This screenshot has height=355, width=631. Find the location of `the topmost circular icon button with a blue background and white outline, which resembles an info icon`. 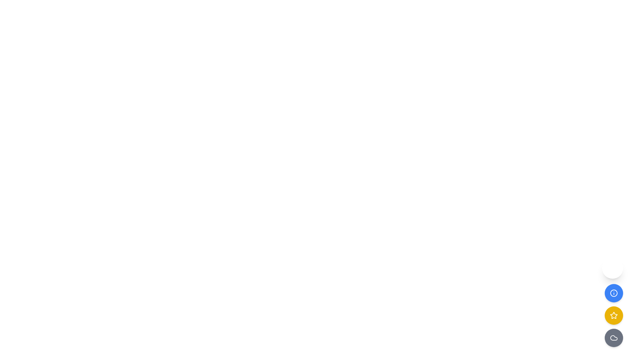

the topmost circular icon button with a blue background and white outline, which resembles an info icon is located at coordinates (613, 293).